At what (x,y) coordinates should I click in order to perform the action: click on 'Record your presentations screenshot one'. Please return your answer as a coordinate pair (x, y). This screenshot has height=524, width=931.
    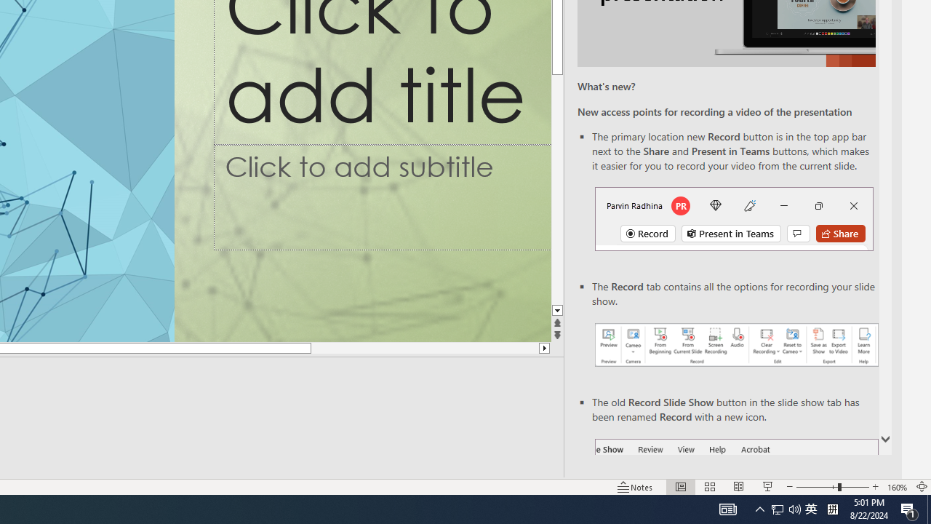
    Looking at the image, I should click on (737, 345).